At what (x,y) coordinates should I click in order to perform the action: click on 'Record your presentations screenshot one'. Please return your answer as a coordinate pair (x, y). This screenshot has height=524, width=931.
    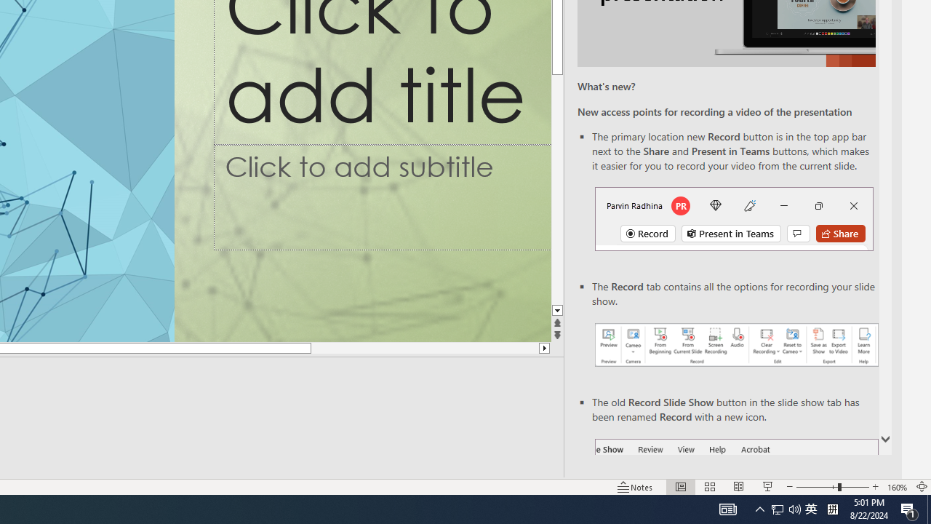
    Looking at the image, I should click on (737, 345).